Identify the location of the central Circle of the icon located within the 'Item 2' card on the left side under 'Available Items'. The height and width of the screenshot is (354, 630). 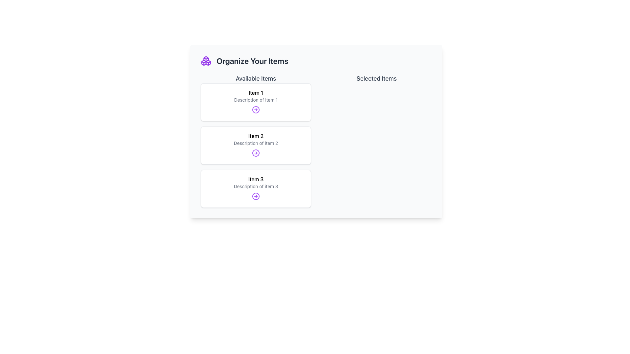
(255, 153).